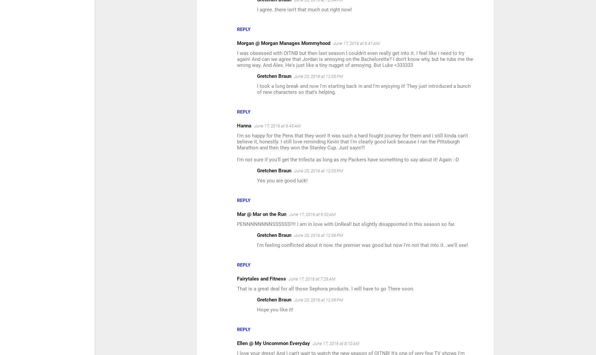 This screenshot has width=596, height=355. I want to click on 'Morgan @ Morgan Manages Mommyhood', so click(283, 43).